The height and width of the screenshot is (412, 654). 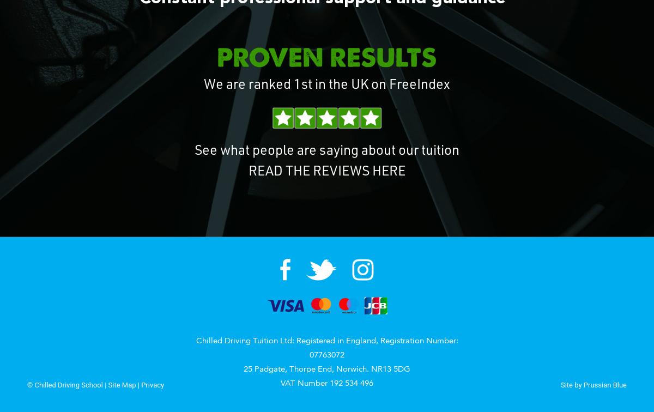 What do you see at coordinates (327, 172) in the screenshot?
I see `'READ THE REVIEWS HERE'` at bounding box center [327, 172].